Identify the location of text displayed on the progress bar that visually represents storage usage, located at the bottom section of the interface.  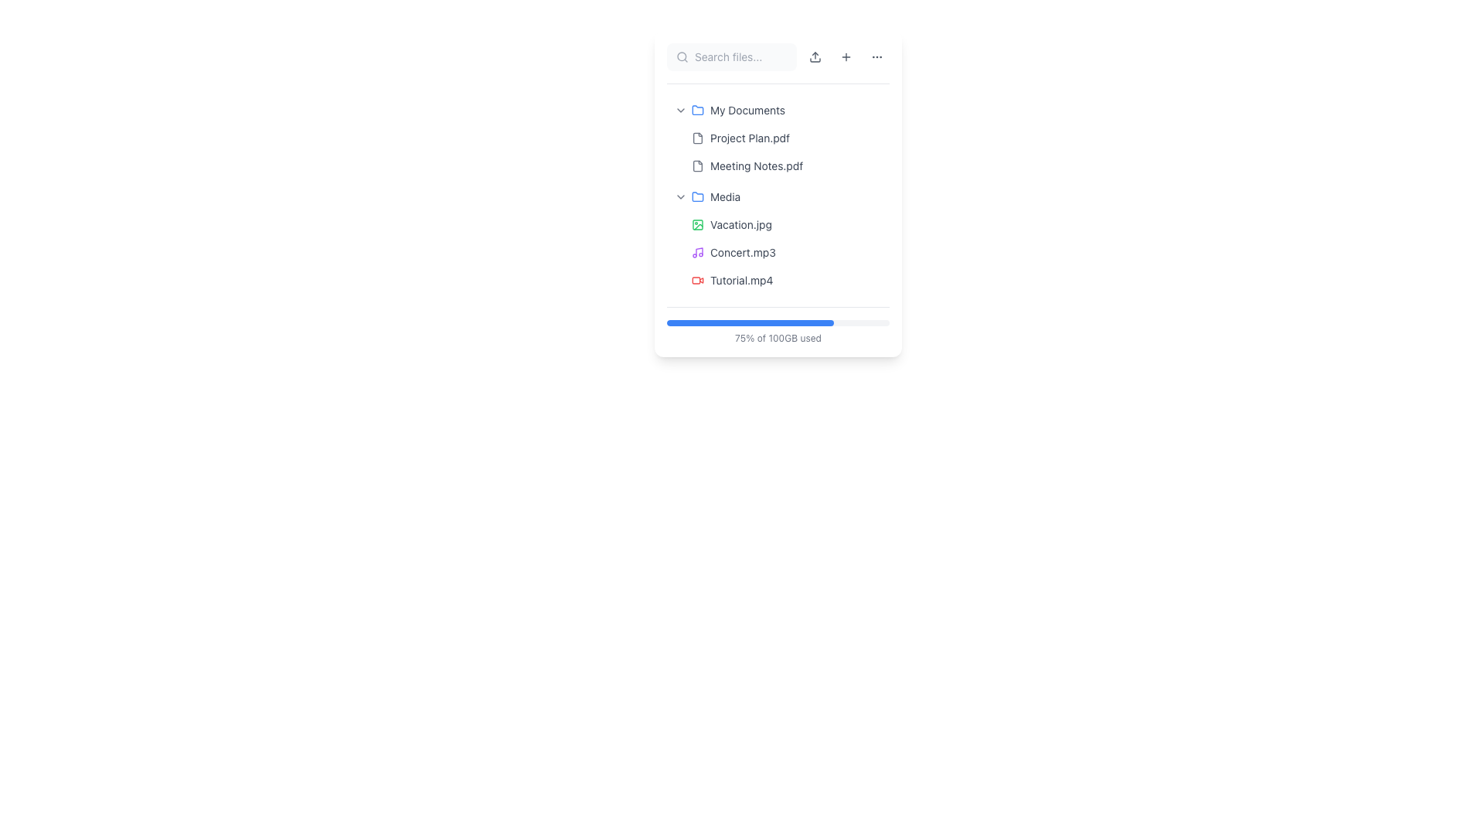
(778, 325).